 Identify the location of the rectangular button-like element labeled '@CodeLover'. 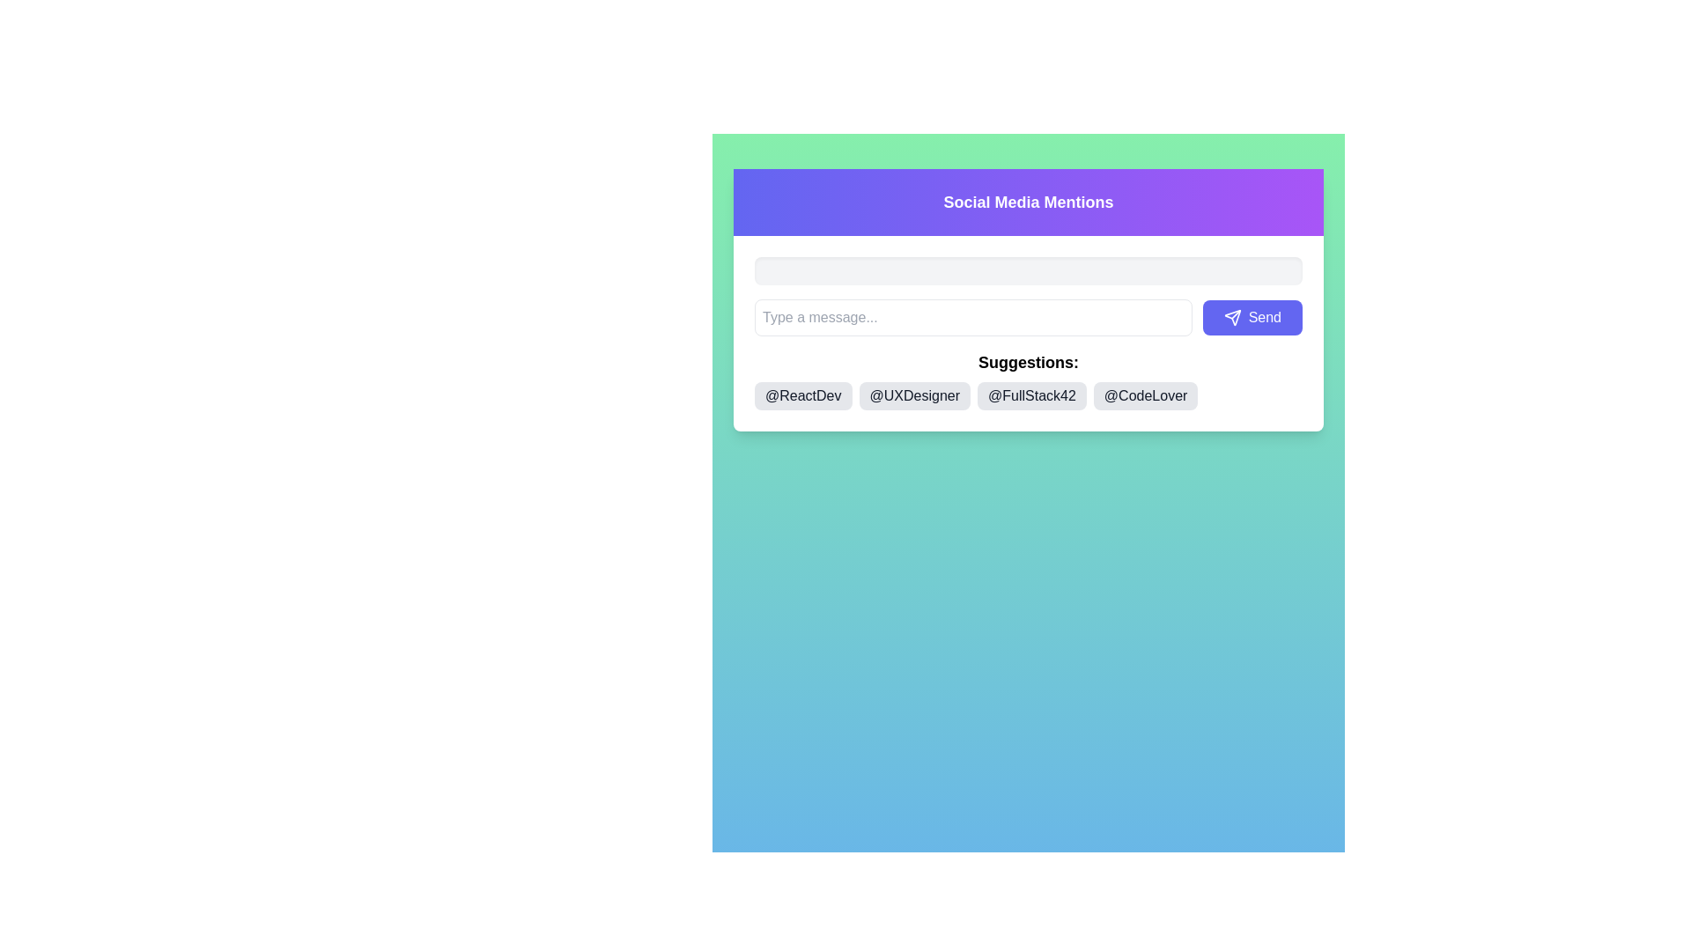
(1146, 396).